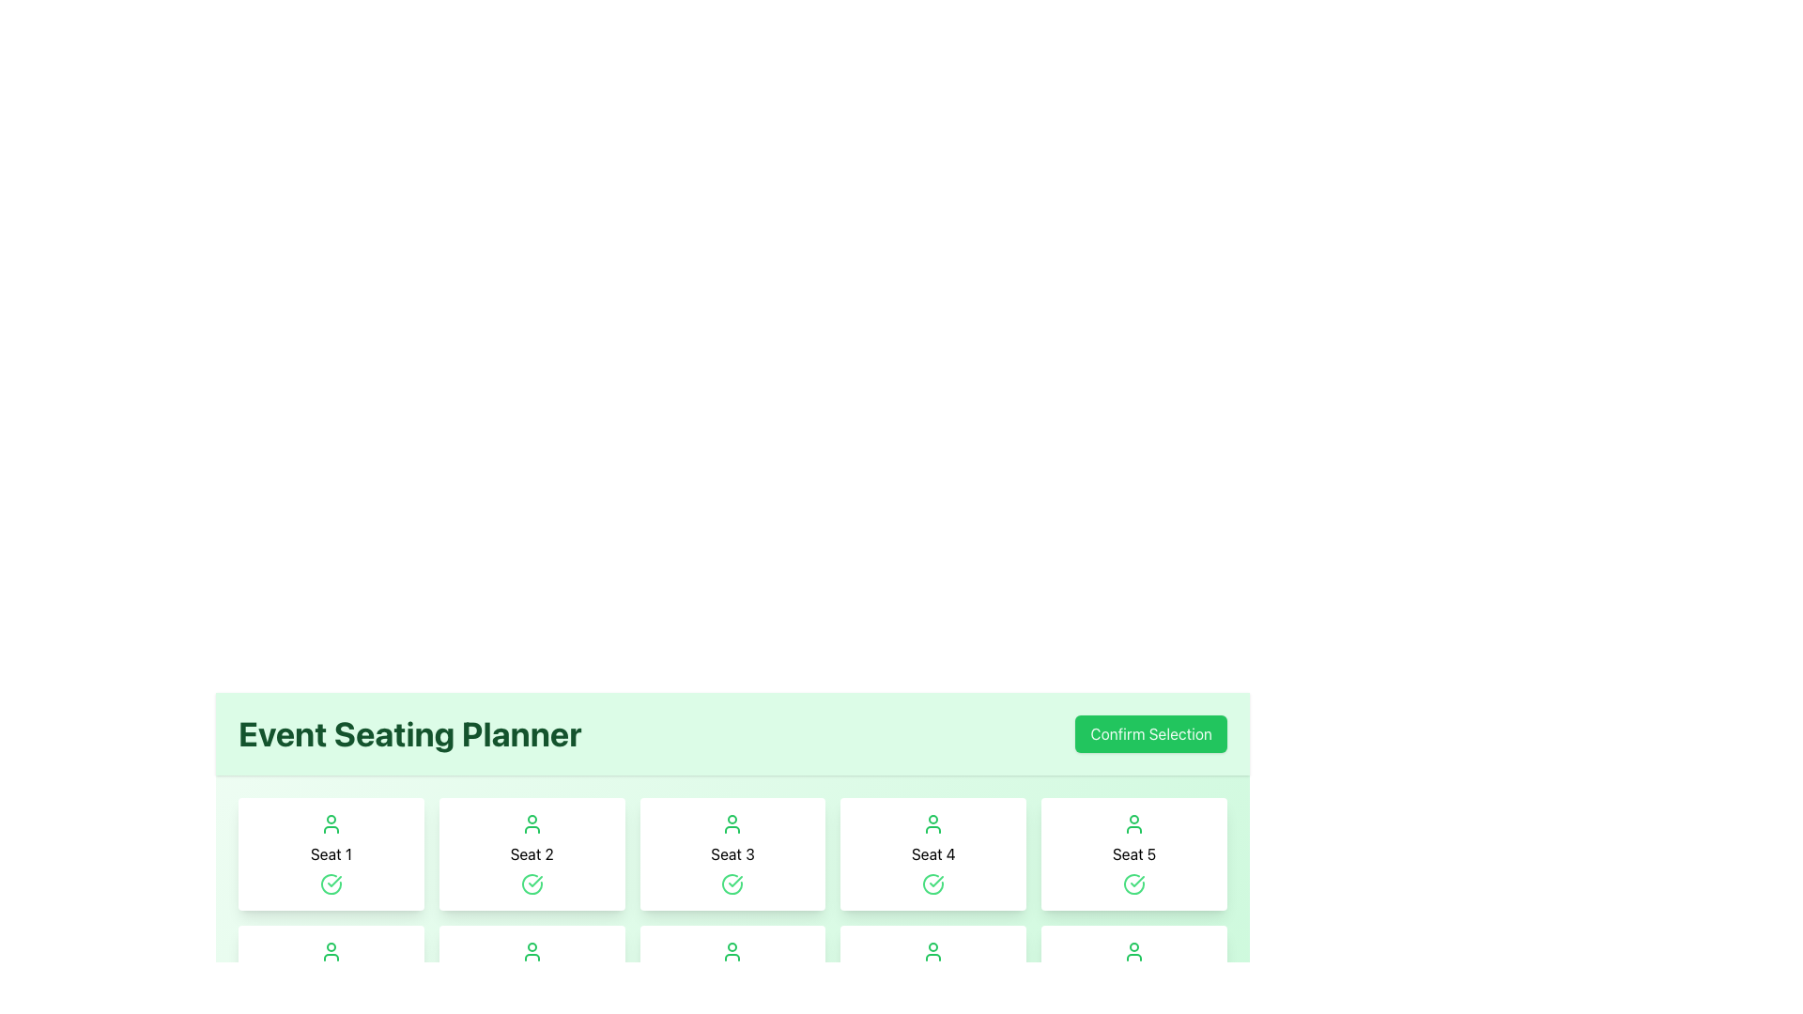 Image resolution: width=1803 pixels, height=1014 pixels. I want to click on the 'Seat 3' card in the Event Seating Planner, so click(732, 854).